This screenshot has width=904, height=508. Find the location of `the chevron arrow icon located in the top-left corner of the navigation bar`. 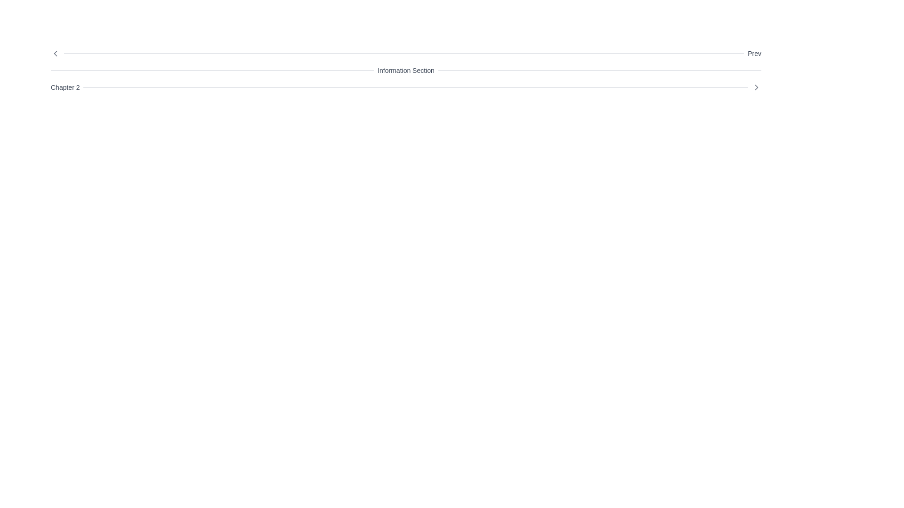

the chevron arrow icon located in the top-left corner of the navigation bar is located at coordinates (55, 54).